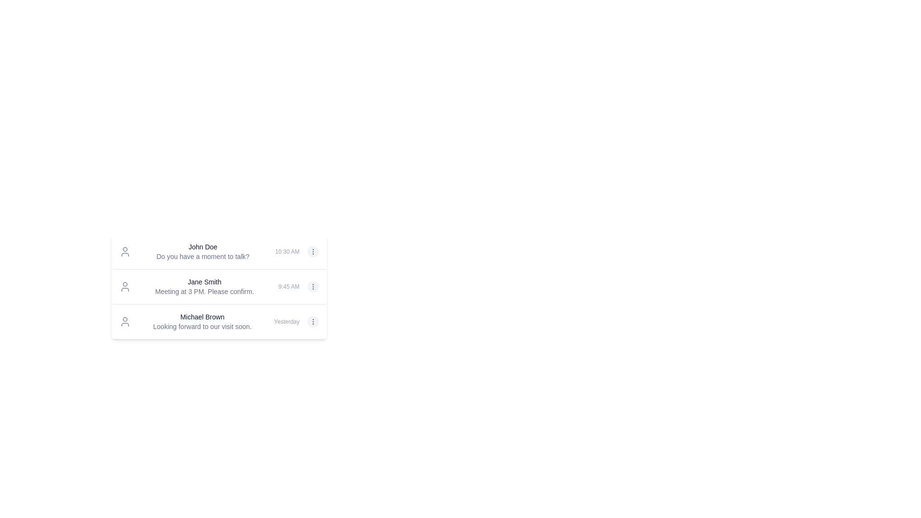 The image size is (921, 518). I want to click on the vertically aligned three-dot icon button located at the far-right side of the message preview for 'John Doe' to visualize the hover effect, so click(313, 251).